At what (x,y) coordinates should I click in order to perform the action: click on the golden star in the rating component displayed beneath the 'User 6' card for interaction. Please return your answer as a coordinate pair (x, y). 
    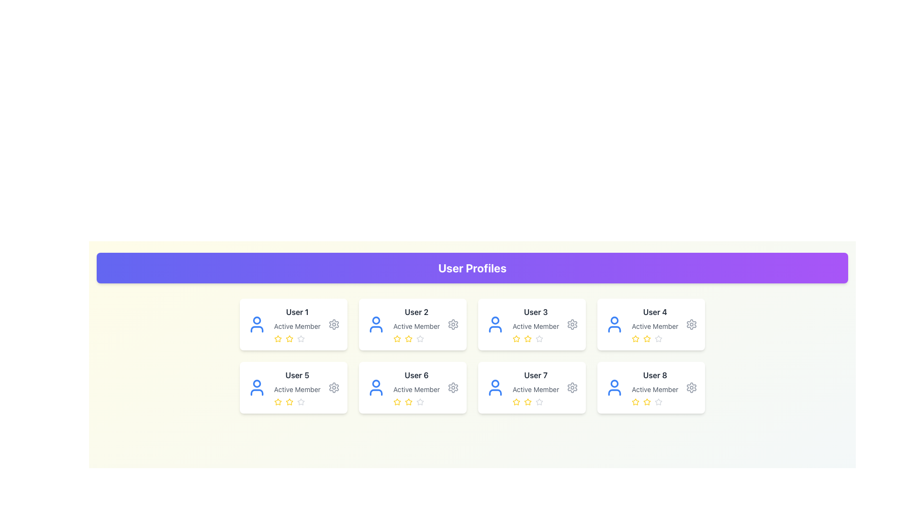
    Looking at the image, I should click on (416, 402).